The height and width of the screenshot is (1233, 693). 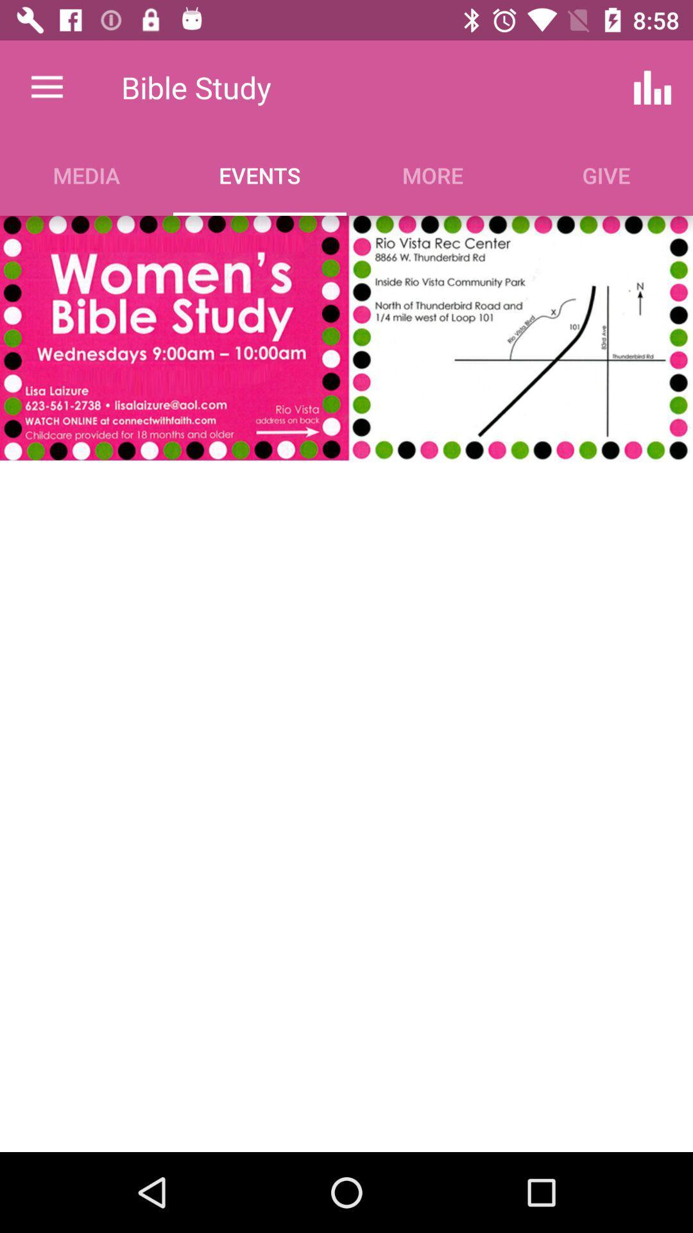 What do you see at coordinates (46, 87) in the screenshot?
I see `item next to the bible study icon` at bounding box center [46, 87].